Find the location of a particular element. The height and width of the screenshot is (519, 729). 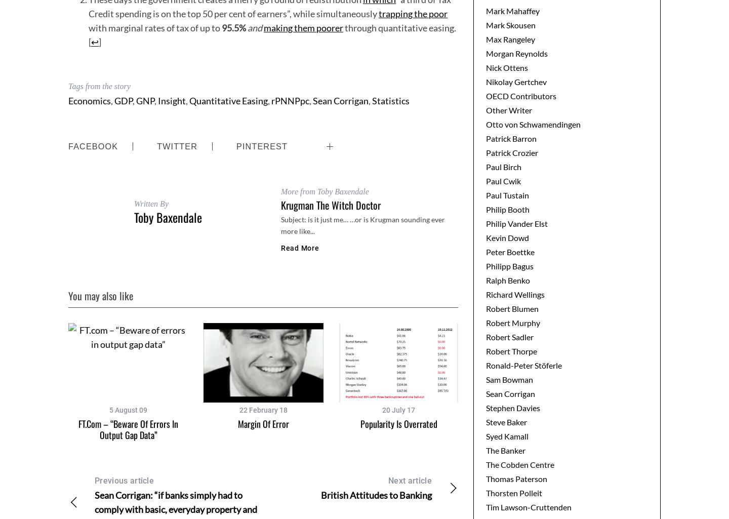

'Robert Sadler' is located at coordinates (509, 336).